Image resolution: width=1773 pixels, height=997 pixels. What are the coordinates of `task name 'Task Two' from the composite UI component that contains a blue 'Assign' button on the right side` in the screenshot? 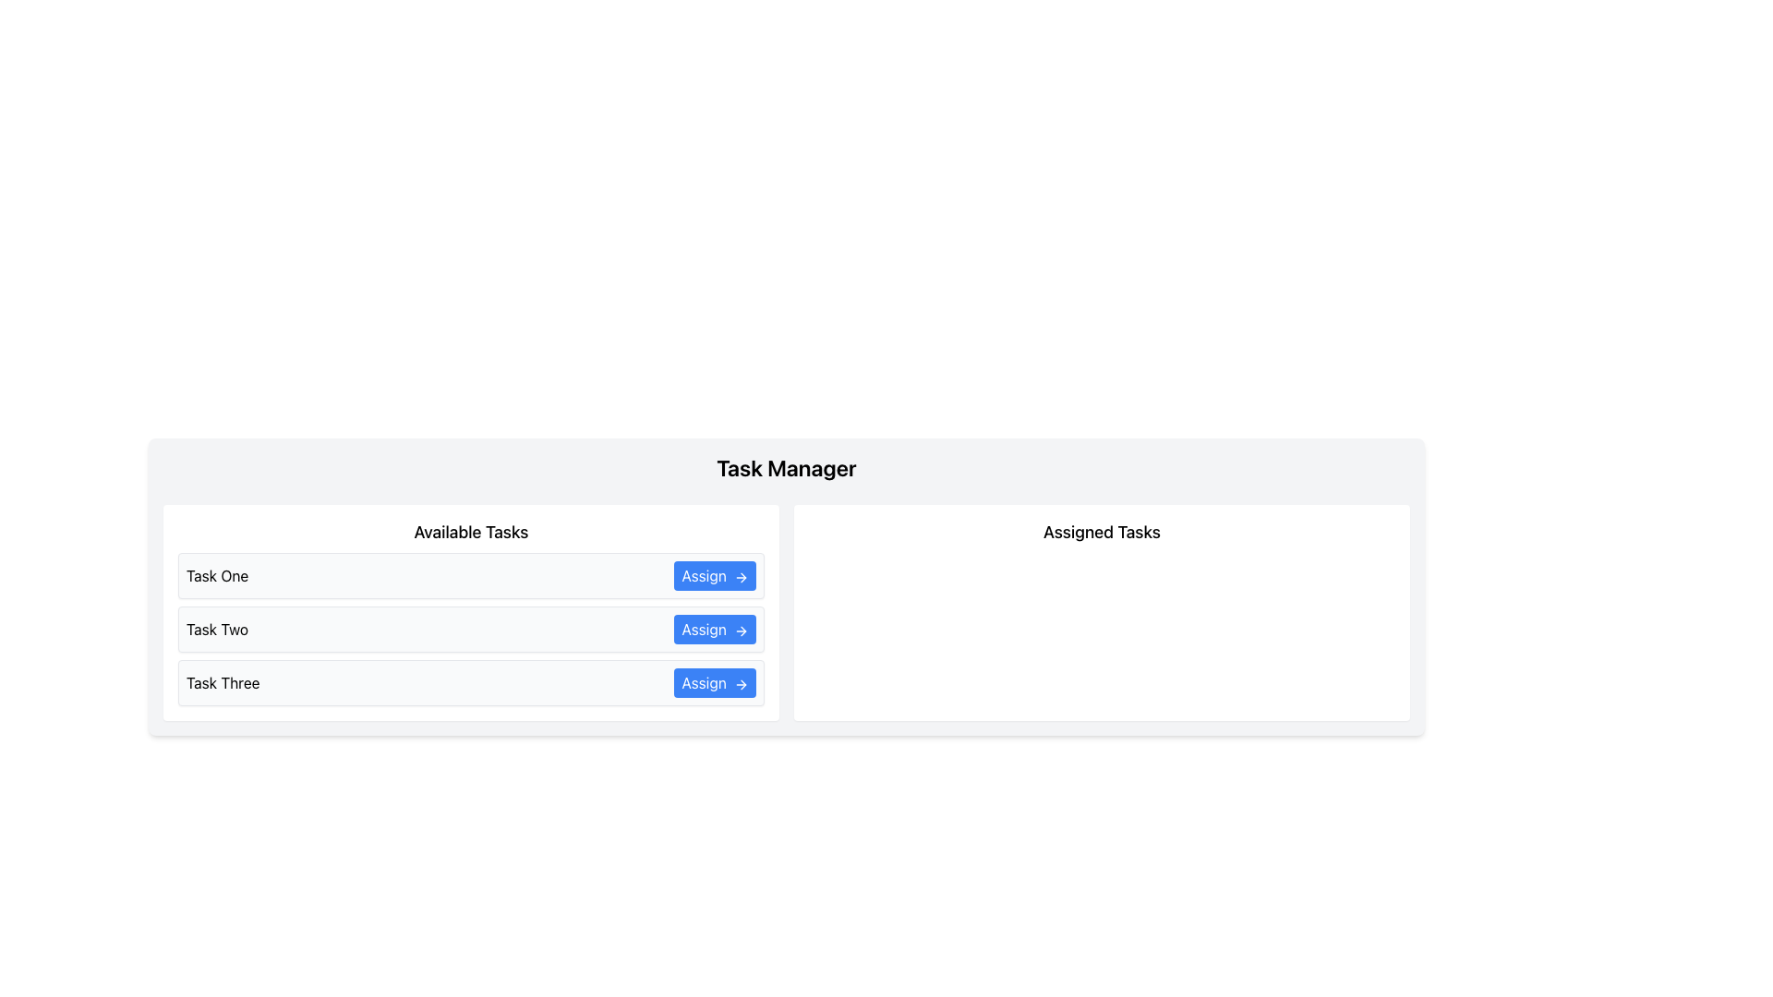 It's located at (471, 629).